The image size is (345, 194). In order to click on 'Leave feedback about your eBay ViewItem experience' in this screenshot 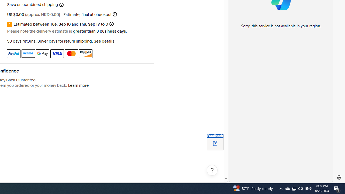, I will do `click(215, 143)`.